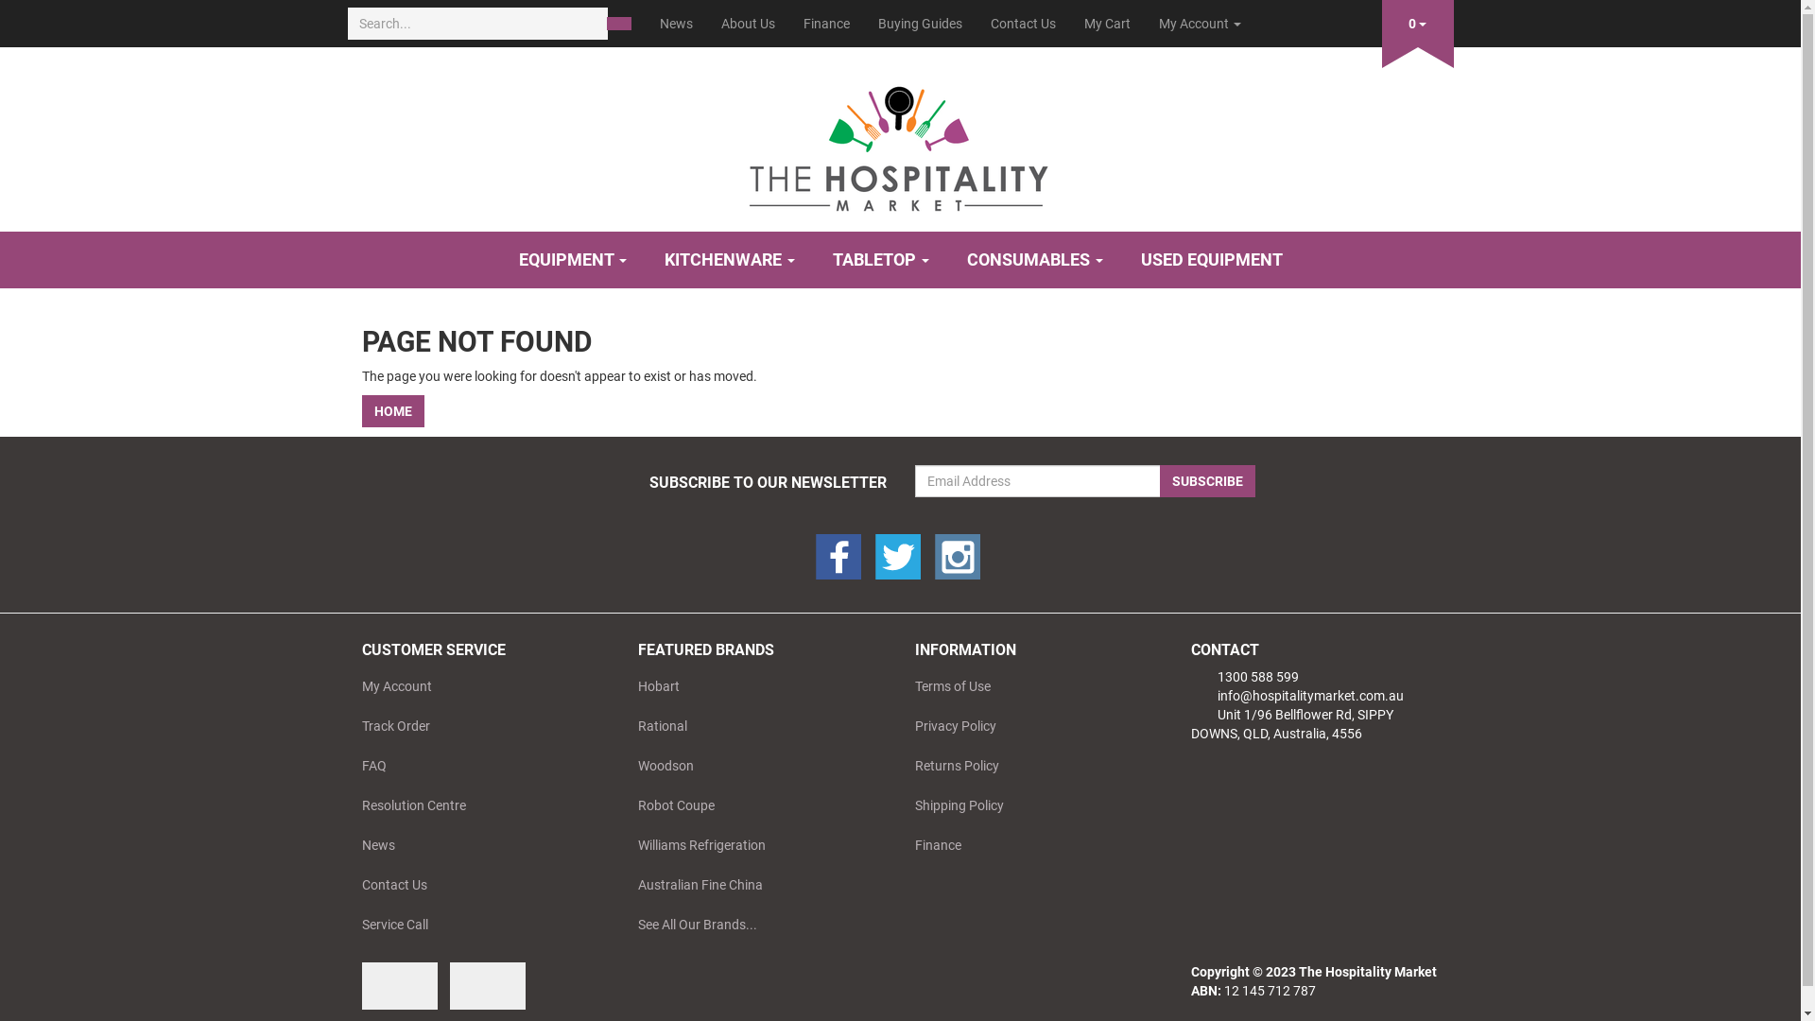  What do you see at coordinates (879, 259) in the screenshot?
I see `'TABLETOP'` at bounding box center [879, 259].